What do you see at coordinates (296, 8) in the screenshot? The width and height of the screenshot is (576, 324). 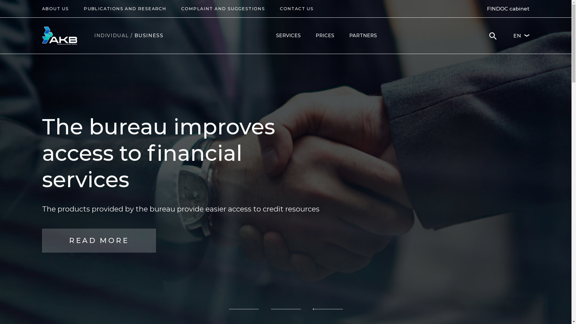 I see `'CONTACT US'` at bounding box center [296, 8].